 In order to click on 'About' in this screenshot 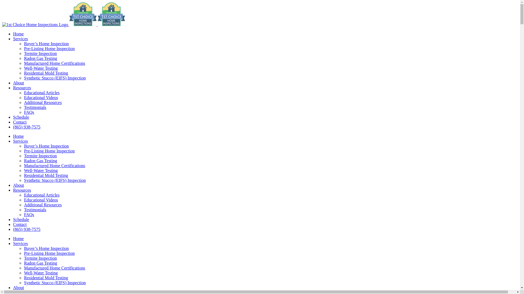, I will do `click(18, 287)`.